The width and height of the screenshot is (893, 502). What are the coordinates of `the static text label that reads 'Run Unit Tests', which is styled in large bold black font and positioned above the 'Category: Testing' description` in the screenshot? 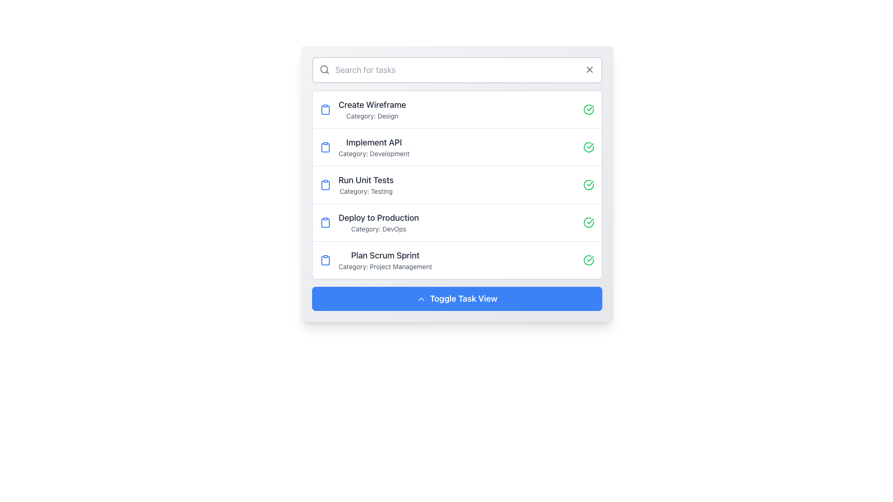 It's located at (366, 180).